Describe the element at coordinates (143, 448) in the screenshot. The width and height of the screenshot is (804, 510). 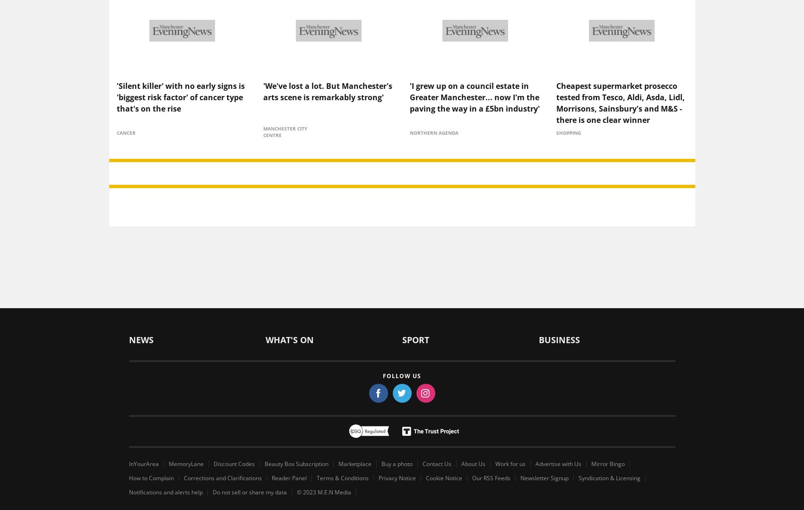
I see `'InYourArea'` at that location.